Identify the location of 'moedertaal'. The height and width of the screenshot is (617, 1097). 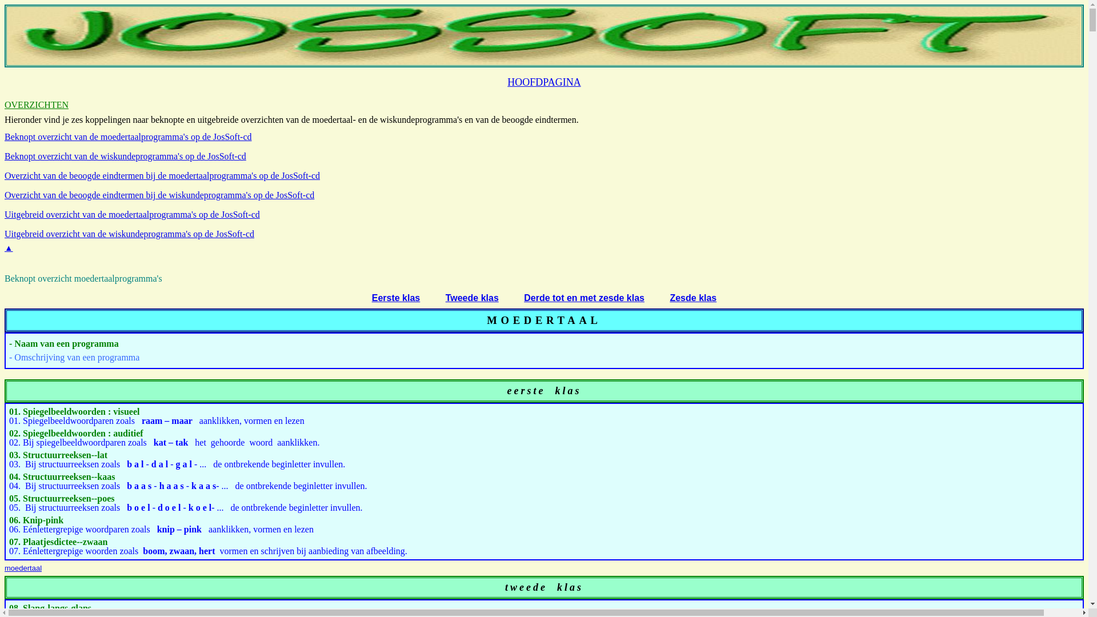
(23, 567).